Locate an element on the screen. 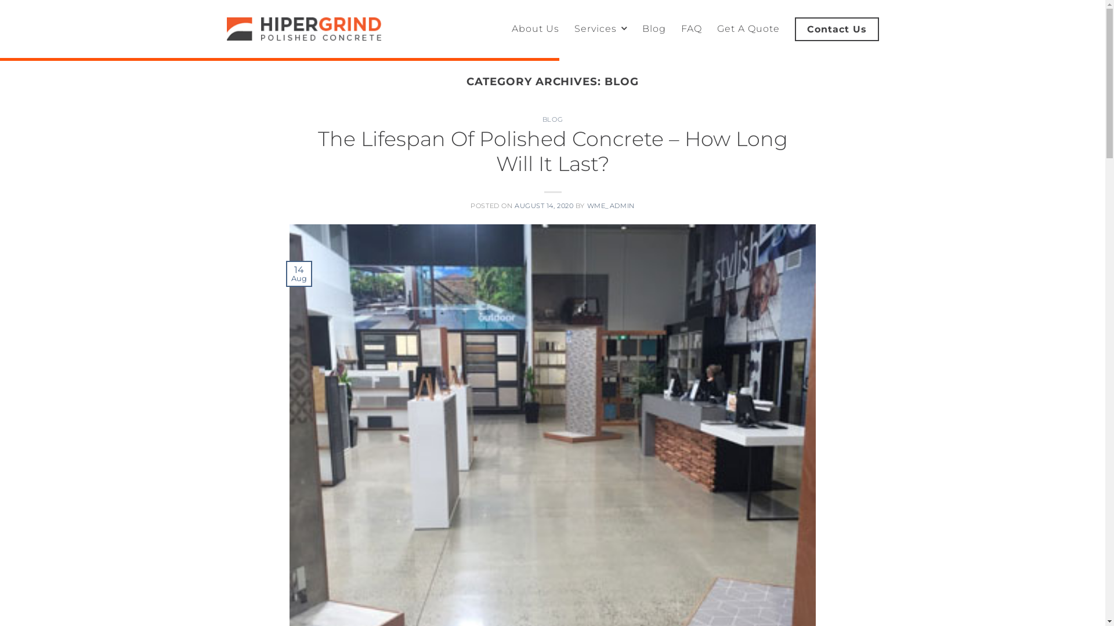 The image size is (1114, 626). 'BLOG' is located at coordinates (552, 119).